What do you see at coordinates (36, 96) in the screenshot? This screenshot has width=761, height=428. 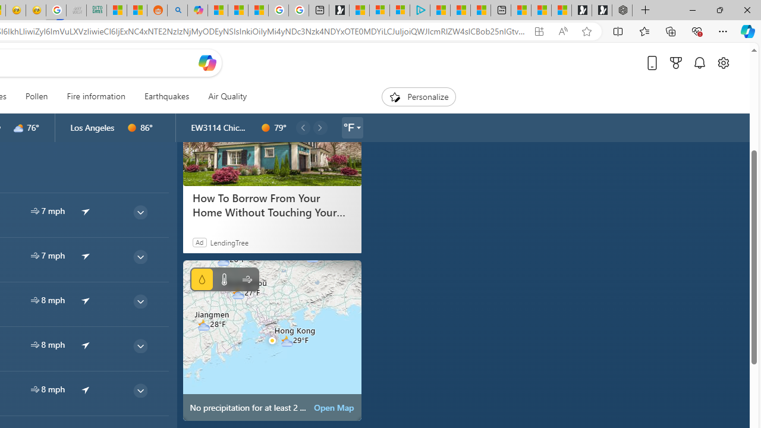 I see `'Pollen'` at bounding box center [36, 96].